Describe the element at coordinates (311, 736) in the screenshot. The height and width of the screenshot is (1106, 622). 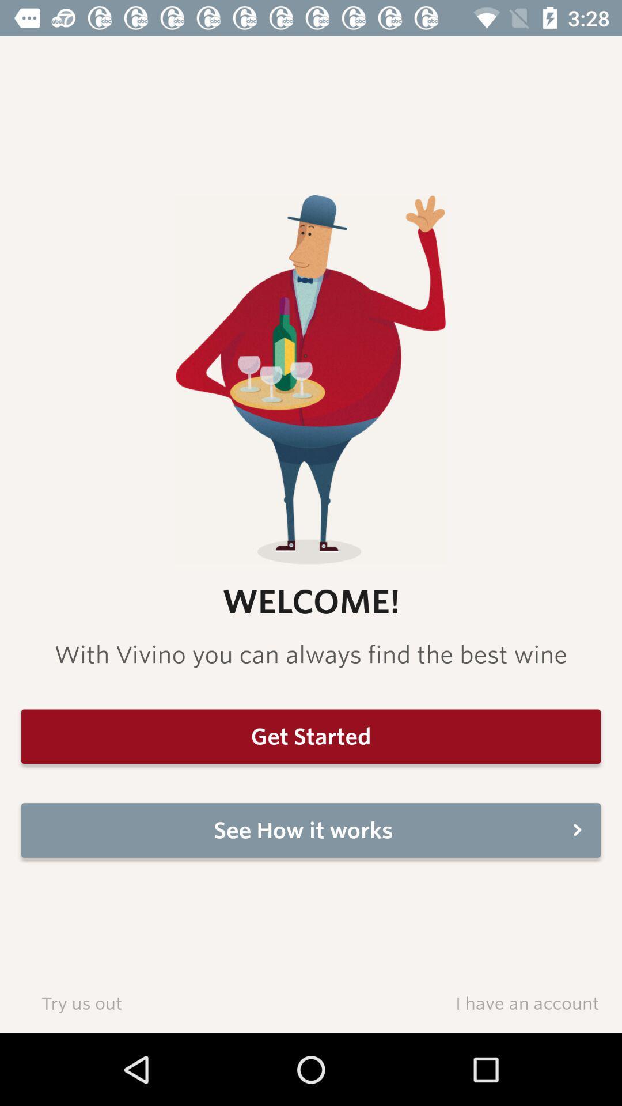
I see `the get started item` at that location.